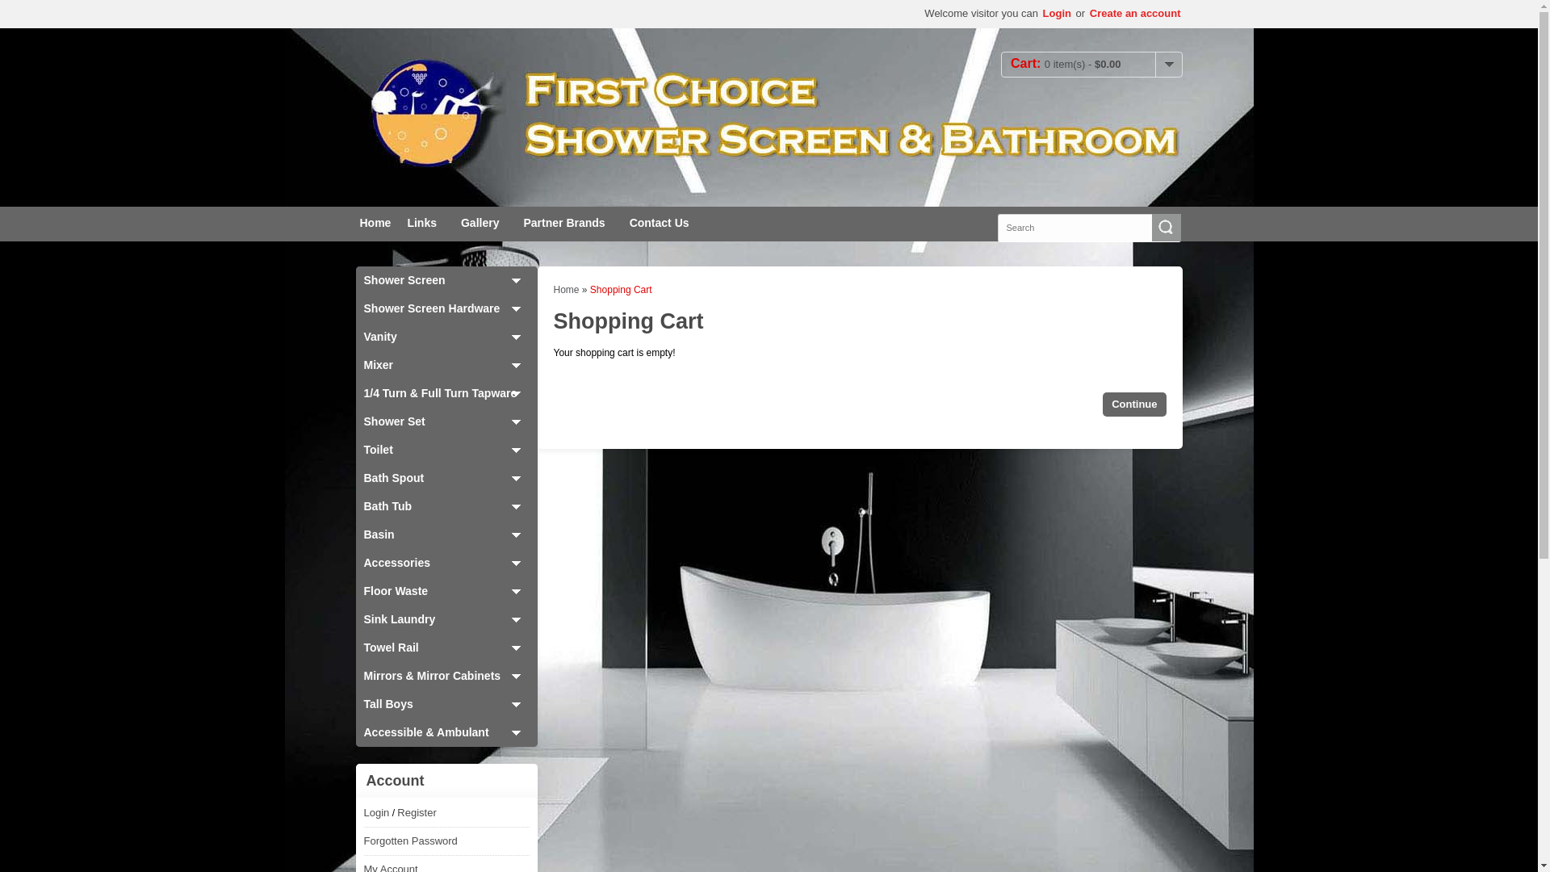 The image size is (1550, 872). What do you see at coordinates (446, 535) in the screenshot?
I see `'Basin'` at bounding box center [446, 535].